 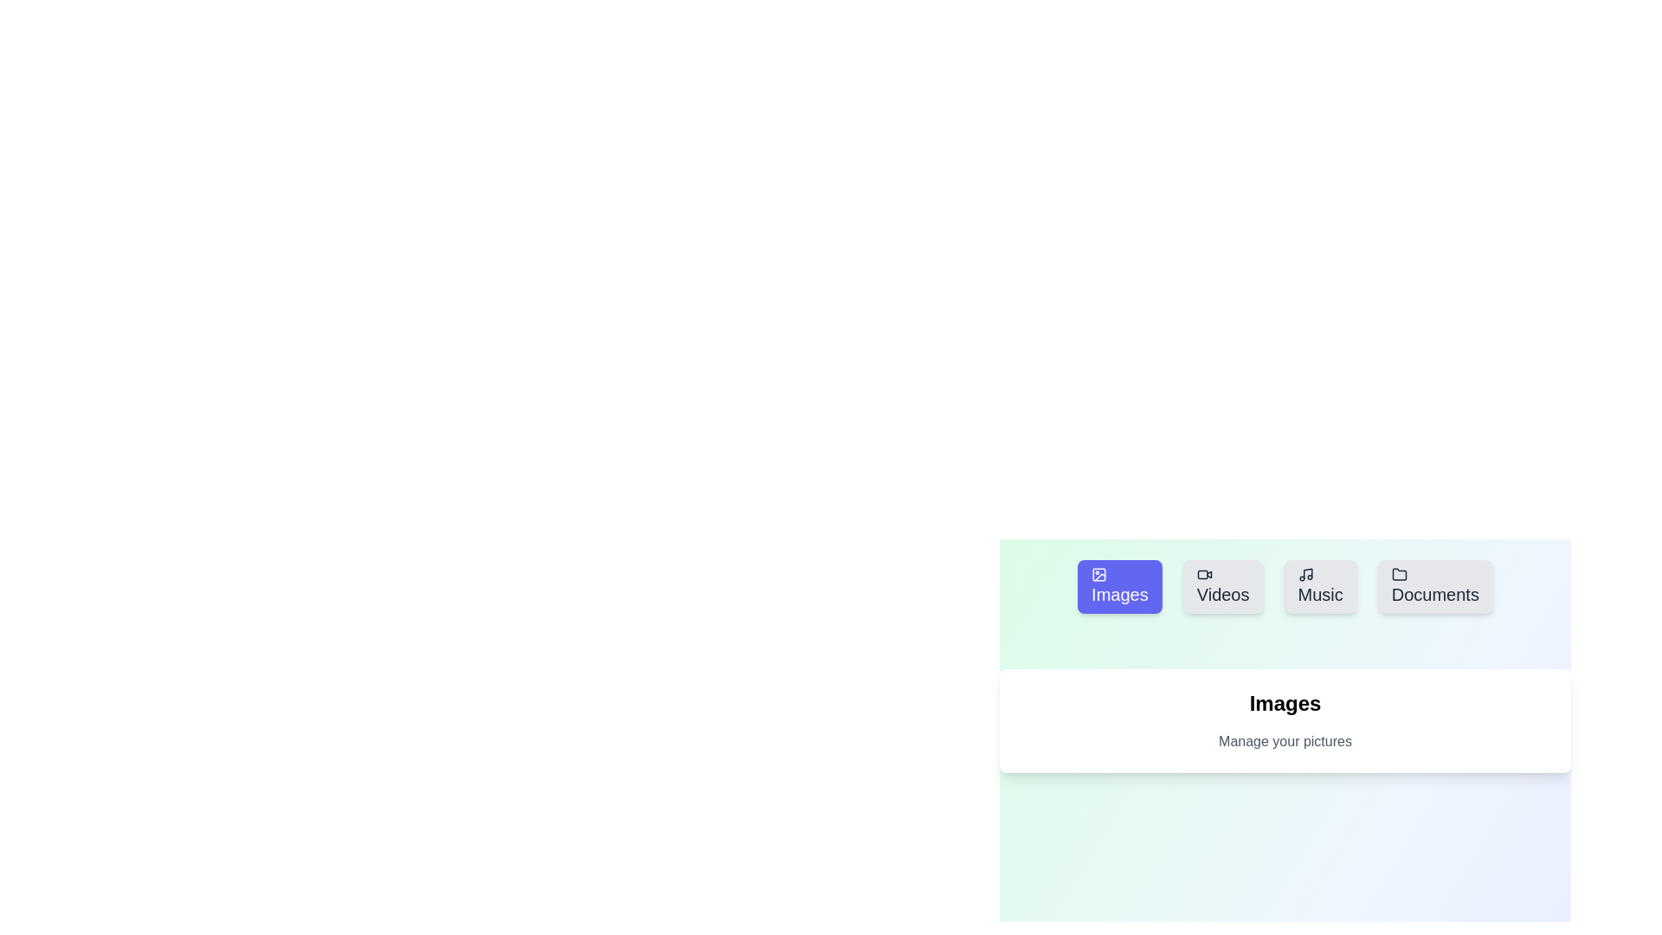 What do you see at coordinates (1222, 586) in the screenshot?
I see `the Videos tab to view its content` at bounding box center [1222, 586].